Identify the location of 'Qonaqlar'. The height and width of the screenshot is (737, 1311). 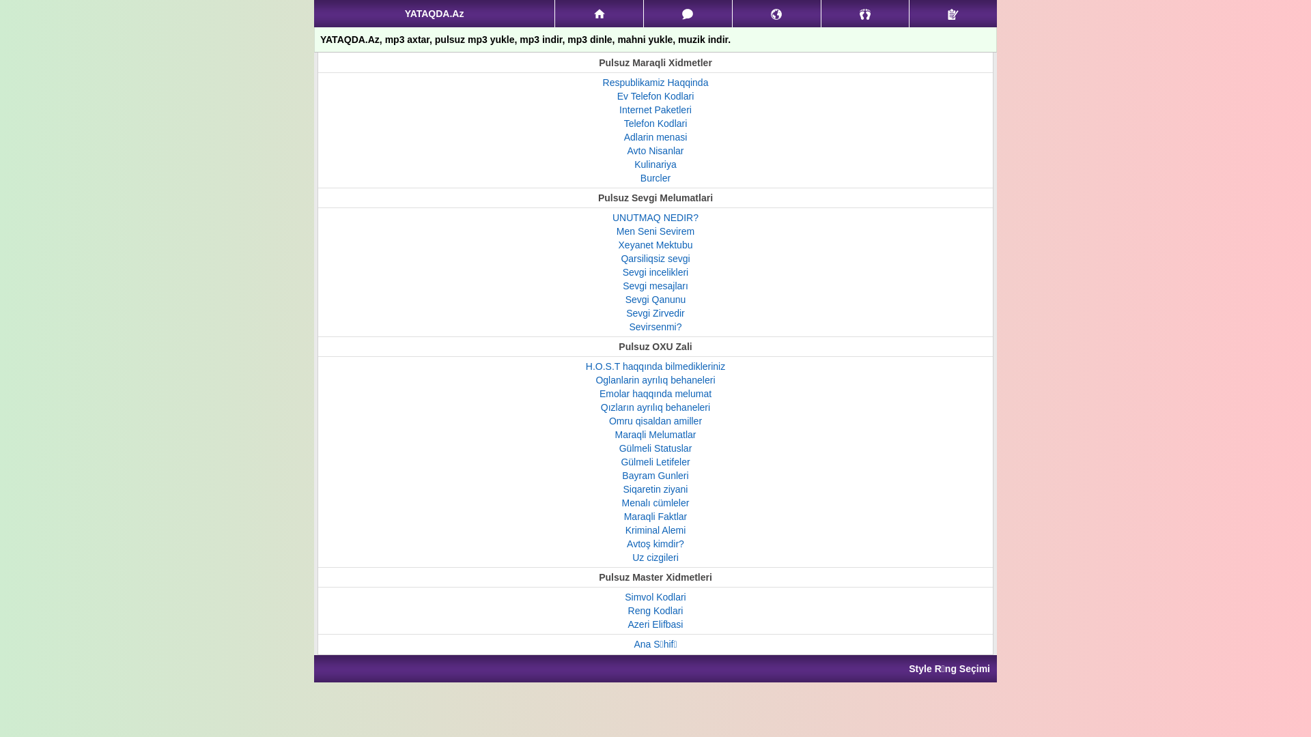
(821, 13).